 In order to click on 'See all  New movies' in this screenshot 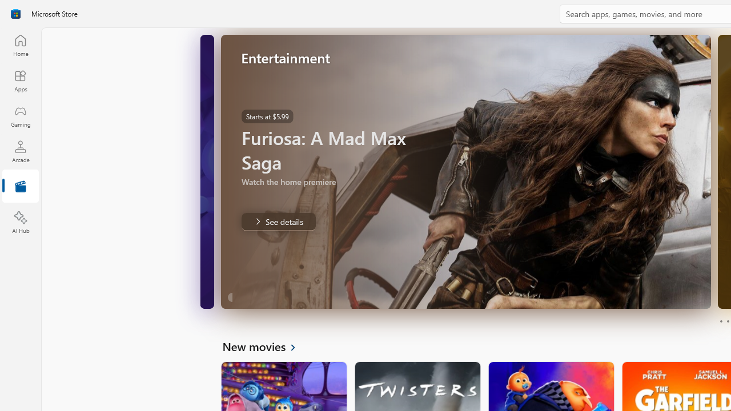, I will do `click(265, 345)`.